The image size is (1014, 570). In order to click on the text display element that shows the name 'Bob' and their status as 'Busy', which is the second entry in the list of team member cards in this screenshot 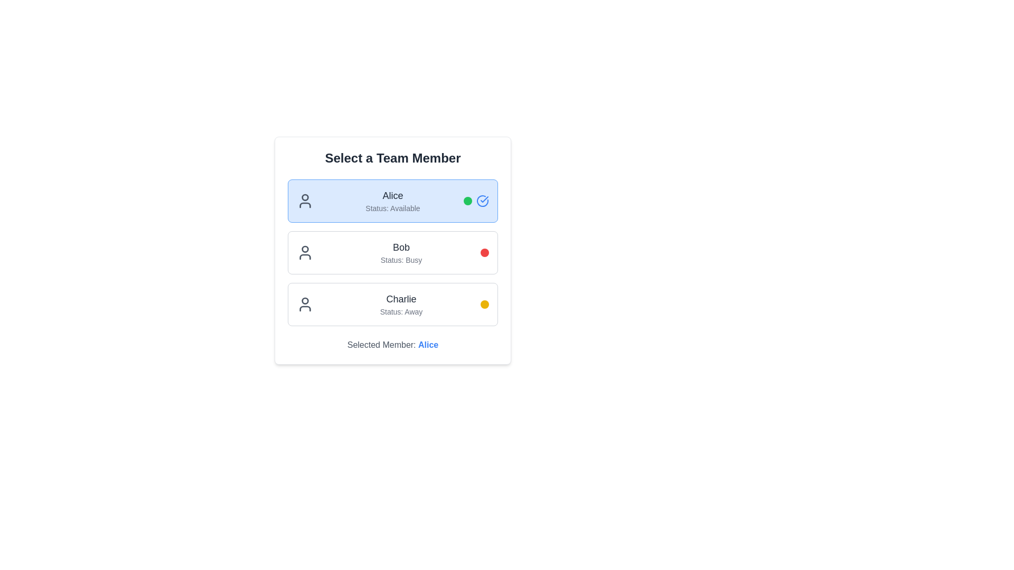, I will do `click(400, 252)`.